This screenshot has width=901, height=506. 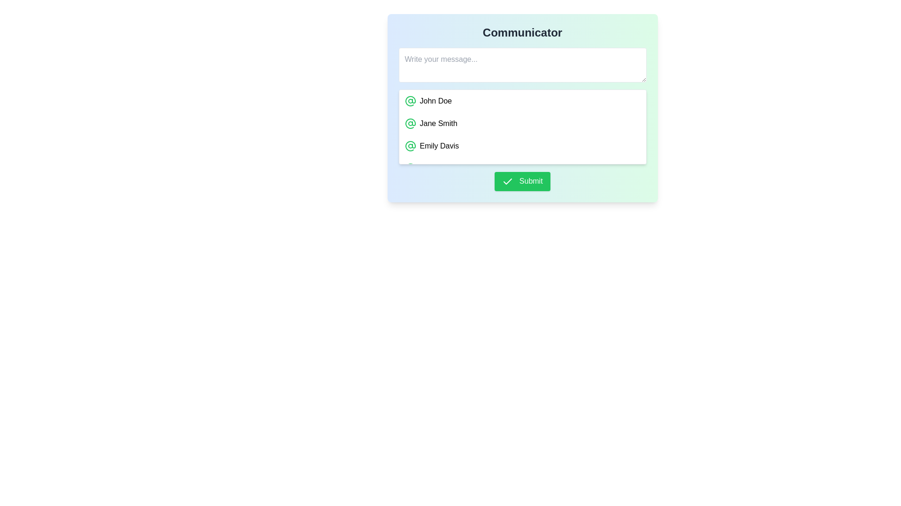 What do you see at coordinates (522, 181) in the screenshot?
I see `the 'Submit' button with a green background and white text` at bounding box center [522, 181].